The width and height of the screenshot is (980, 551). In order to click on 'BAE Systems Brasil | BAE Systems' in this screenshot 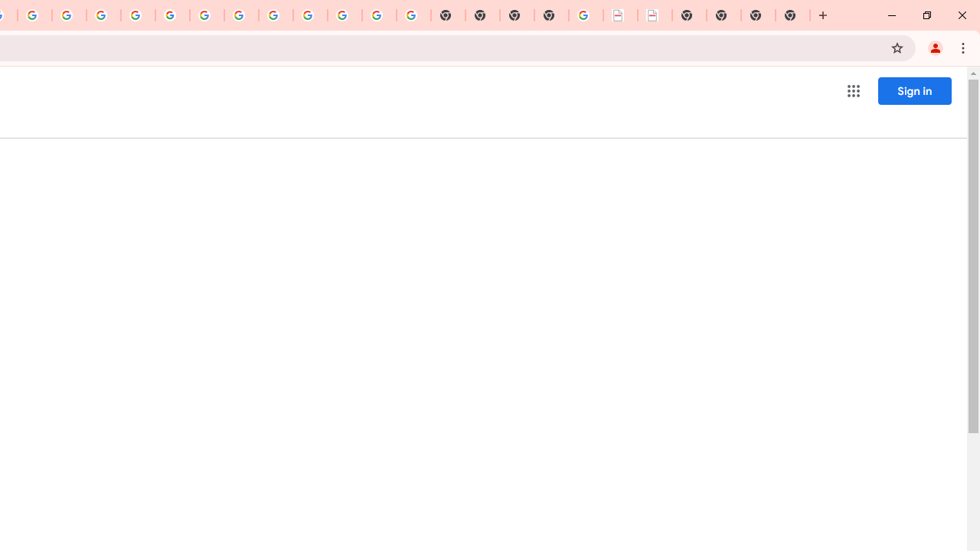, I will do `click(655, 15)`.